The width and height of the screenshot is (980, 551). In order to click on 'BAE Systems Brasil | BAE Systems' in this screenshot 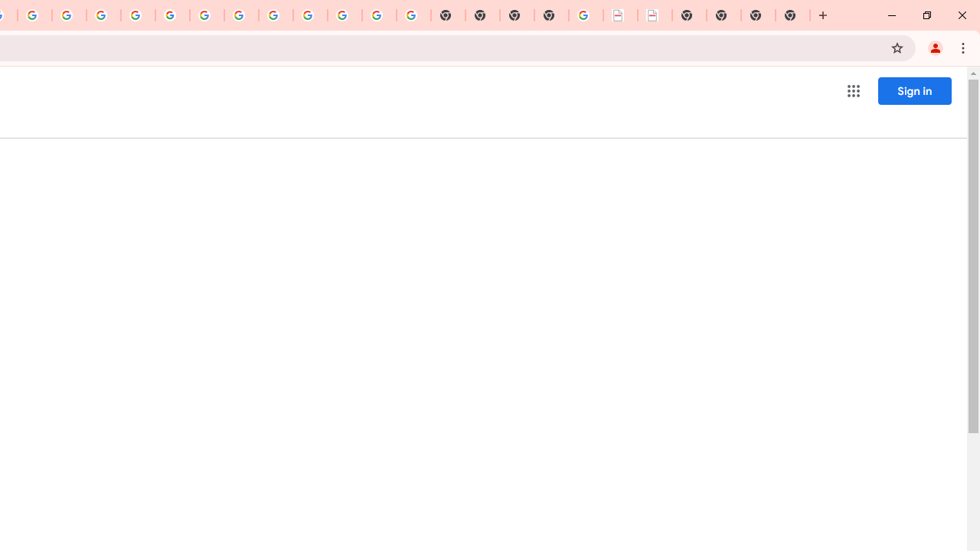, I will do `click(655, 15)`.